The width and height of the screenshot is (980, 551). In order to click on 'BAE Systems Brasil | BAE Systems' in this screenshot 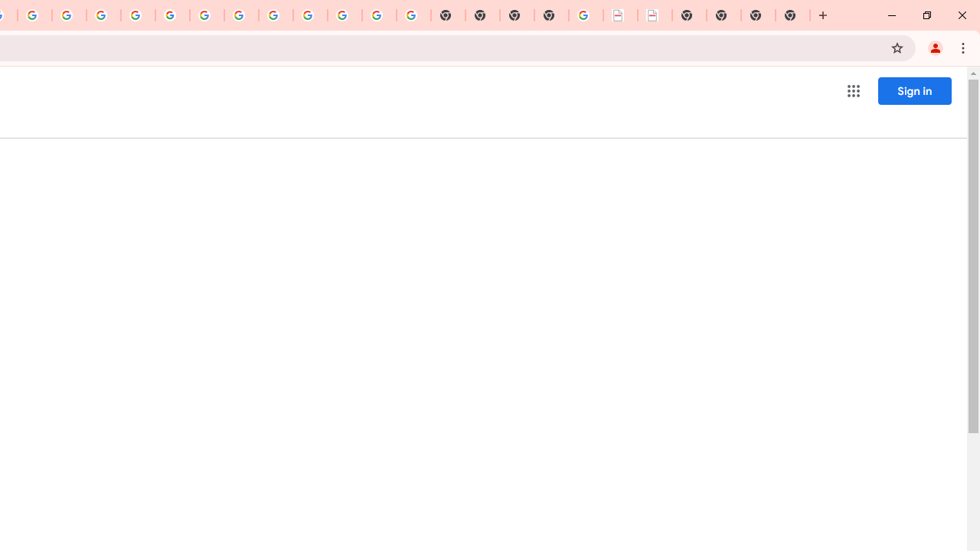, I will do `click(655, 15)`.